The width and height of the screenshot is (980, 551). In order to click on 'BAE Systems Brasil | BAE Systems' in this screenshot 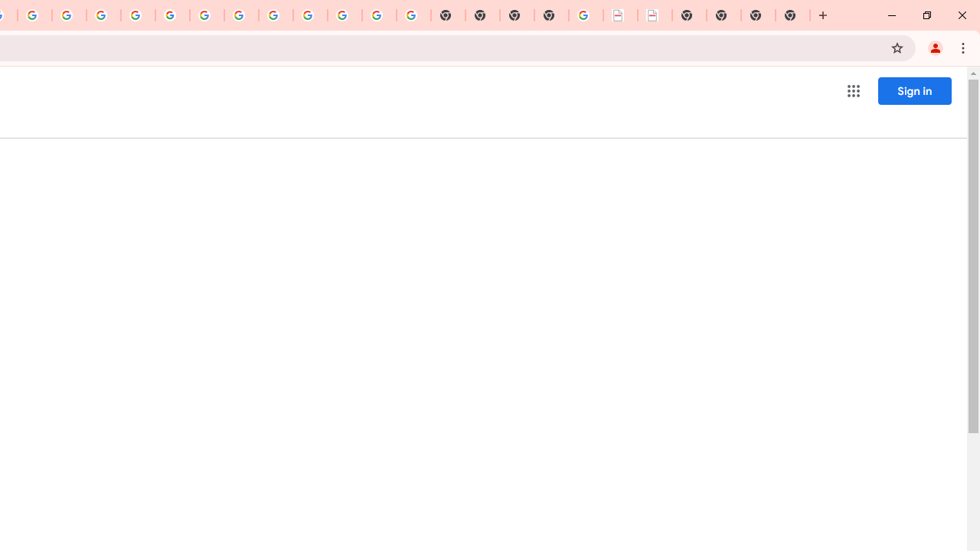, I will do `click(655, 15)`.